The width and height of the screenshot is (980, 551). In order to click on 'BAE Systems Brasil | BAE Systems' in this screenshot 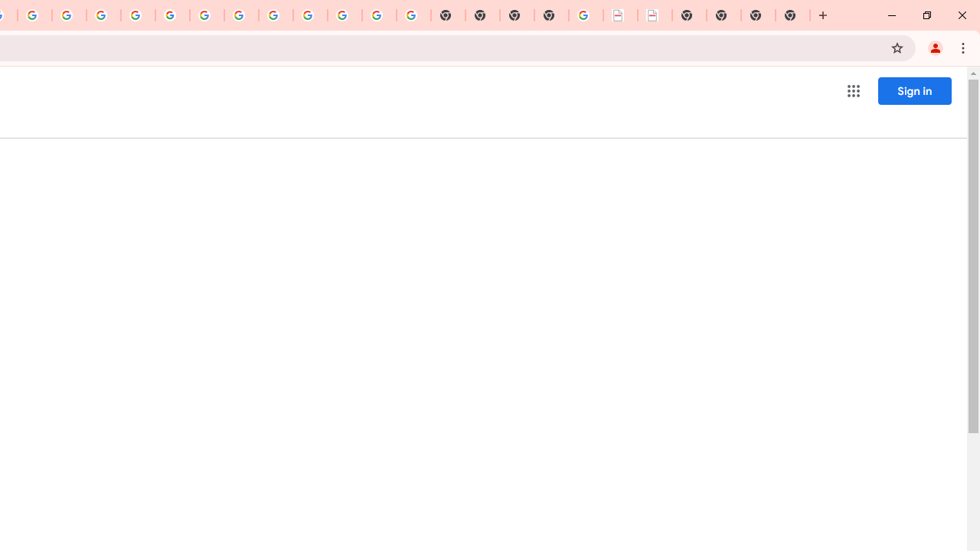, I will do `click(655, 15)`.